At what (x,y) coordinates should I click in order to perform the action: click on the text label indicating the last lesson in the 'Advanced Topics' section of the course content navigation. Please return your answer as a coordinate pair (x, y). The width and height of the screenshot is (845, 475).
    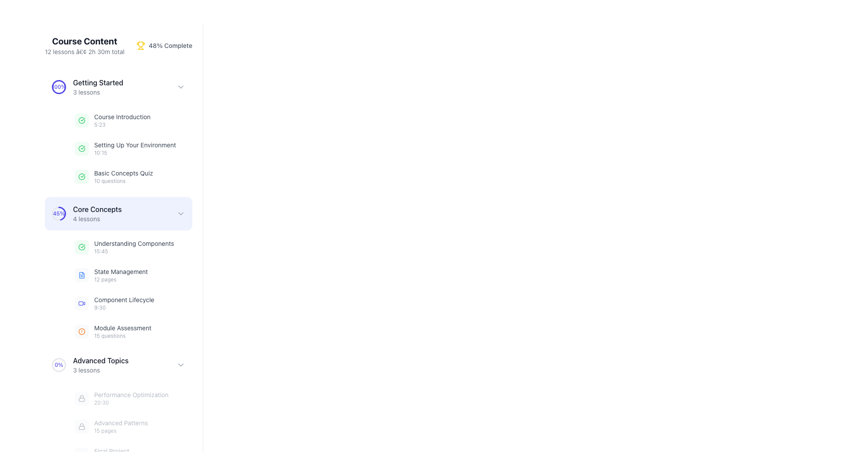
    Looking at the image, I should click on (111, 454).